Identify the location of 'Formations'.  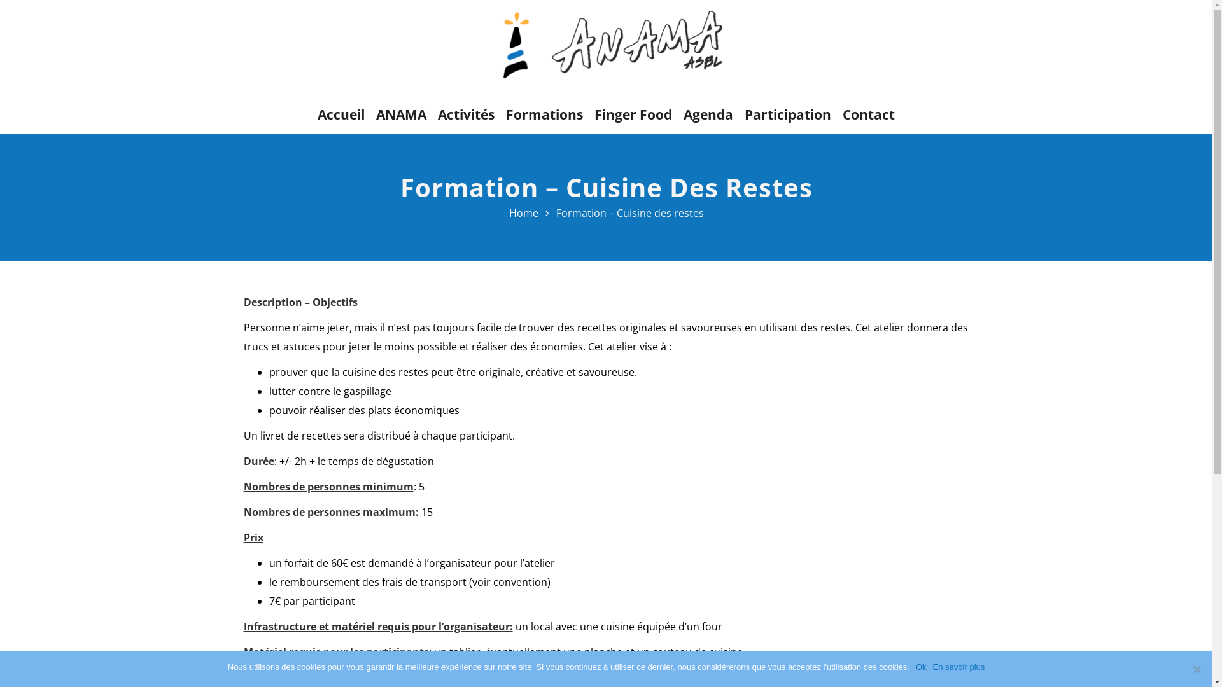
(544, 114).